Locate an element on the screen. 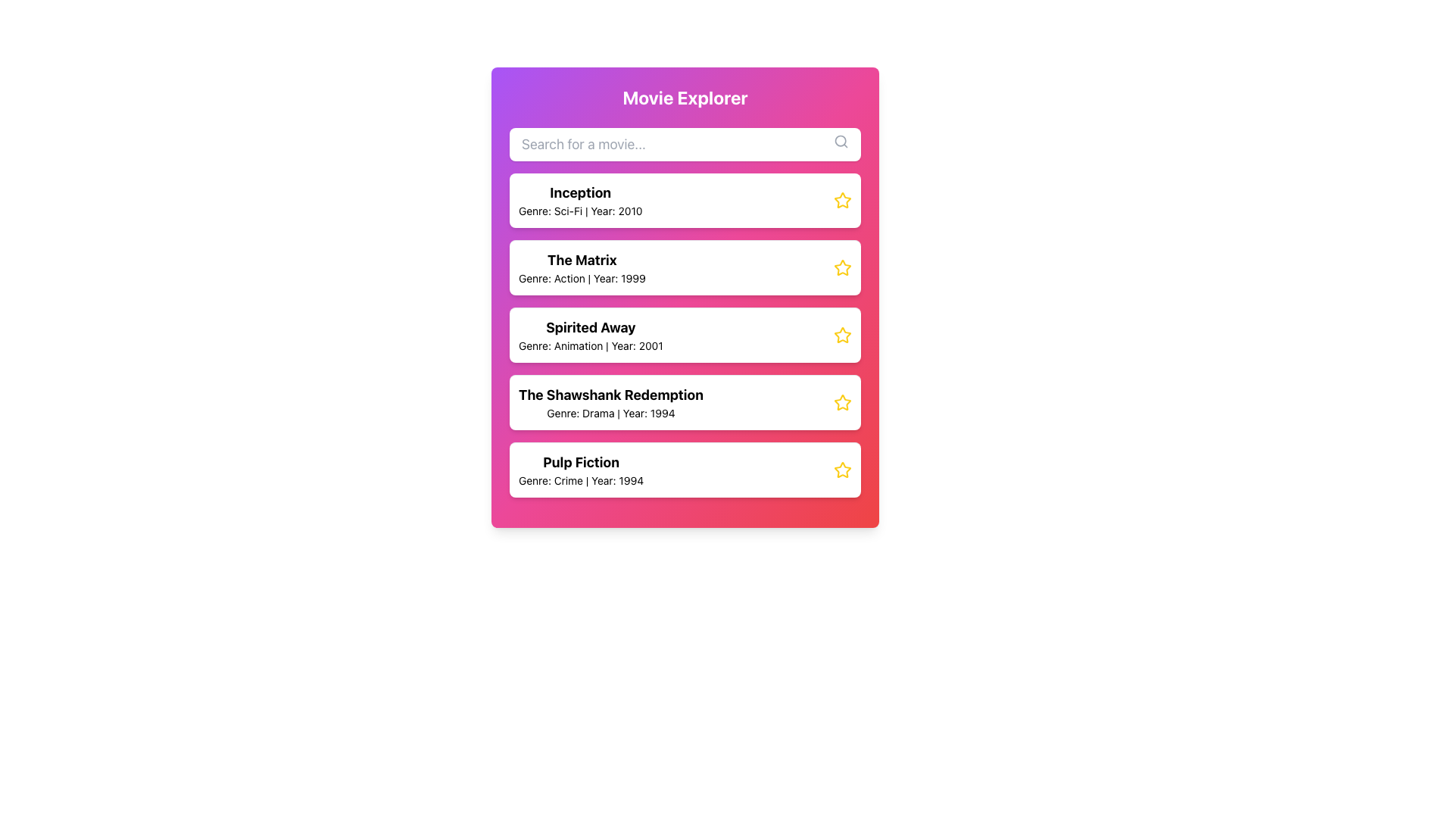 The width and height of the screenshot is (1454, 818). the gray magnifying glass icon located at the far right of the search input field is located at coordinates (840, 141).